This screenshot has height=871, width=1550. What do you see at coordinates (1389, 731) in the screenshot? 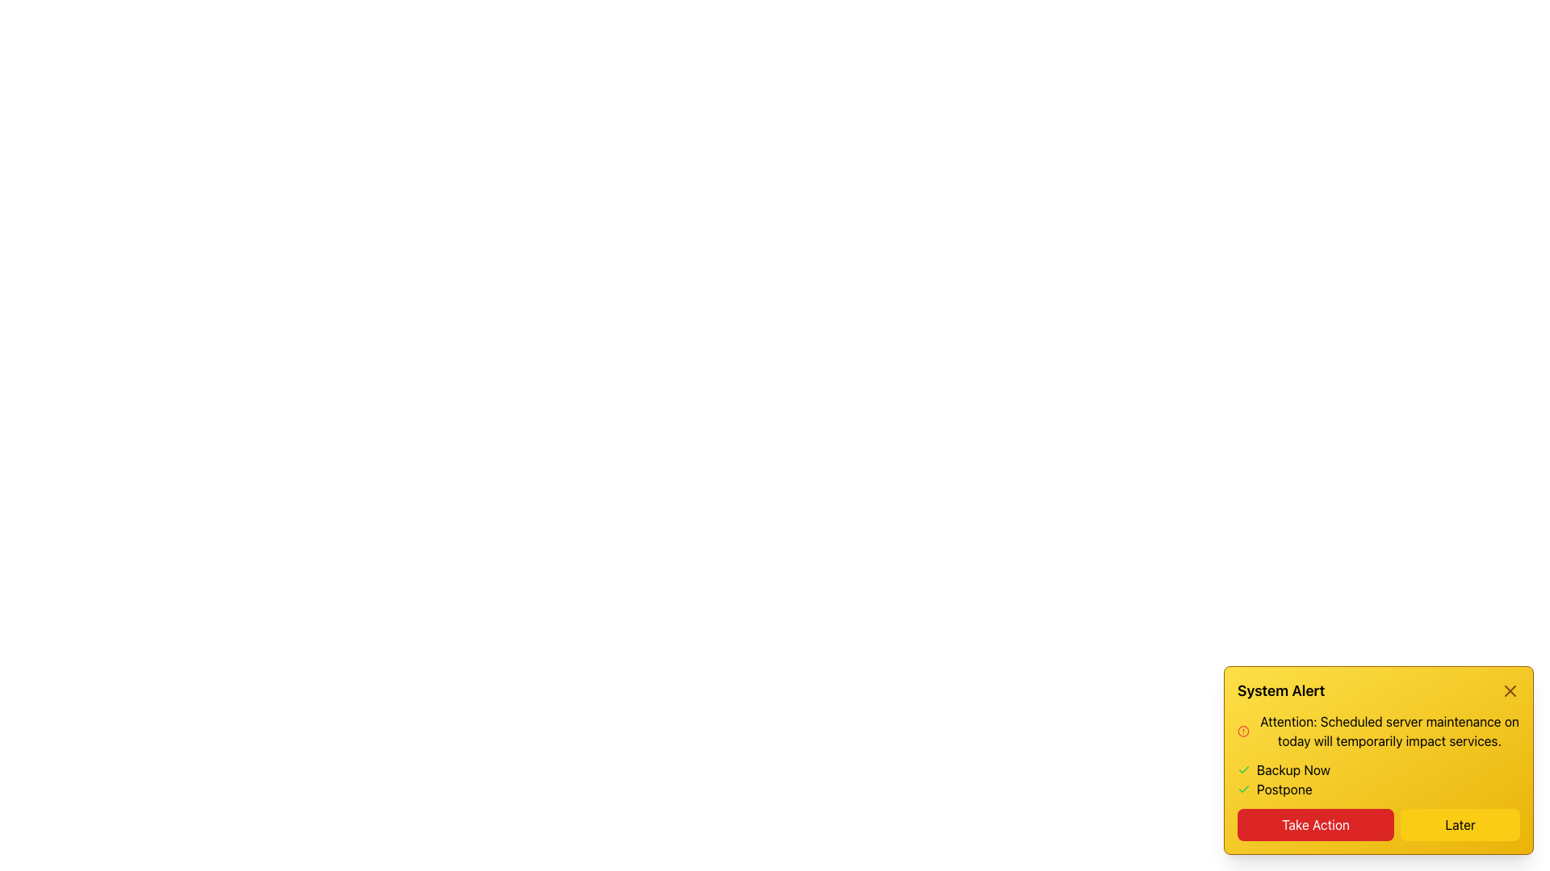
I see `the text informing the user about an upcoming server maintenance event` at bounding box center [1389, 731].